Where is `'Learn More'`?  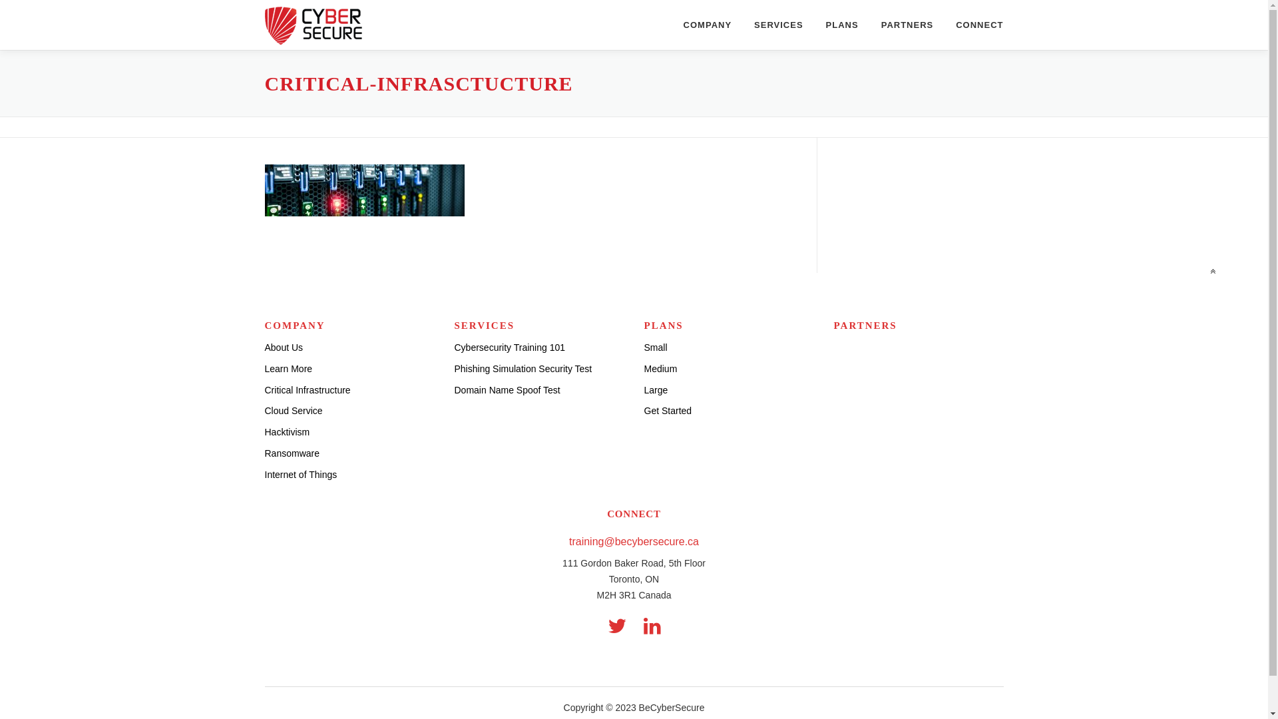
'Learn More' is located at coordinates (265, 369).